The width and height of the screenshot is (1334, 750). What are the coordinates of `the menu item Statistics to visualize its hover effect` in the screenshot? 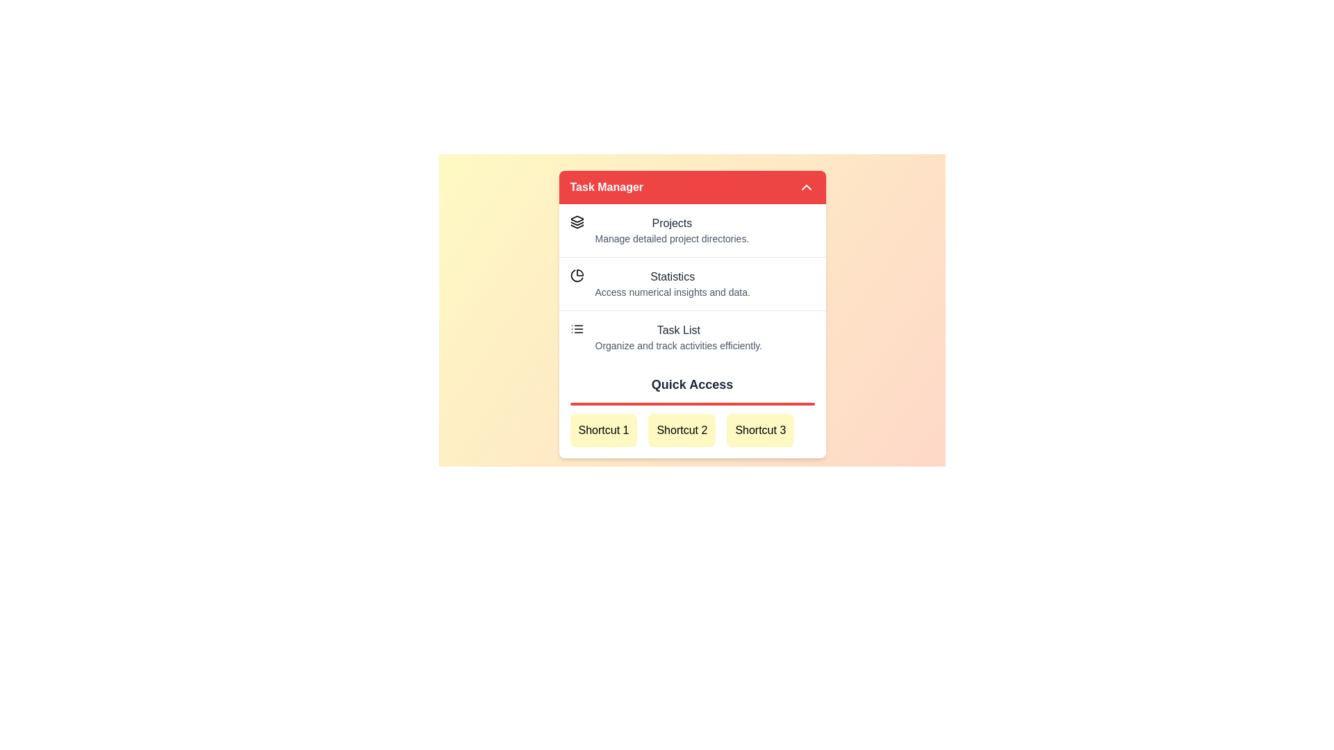 It's located at (692, 283).